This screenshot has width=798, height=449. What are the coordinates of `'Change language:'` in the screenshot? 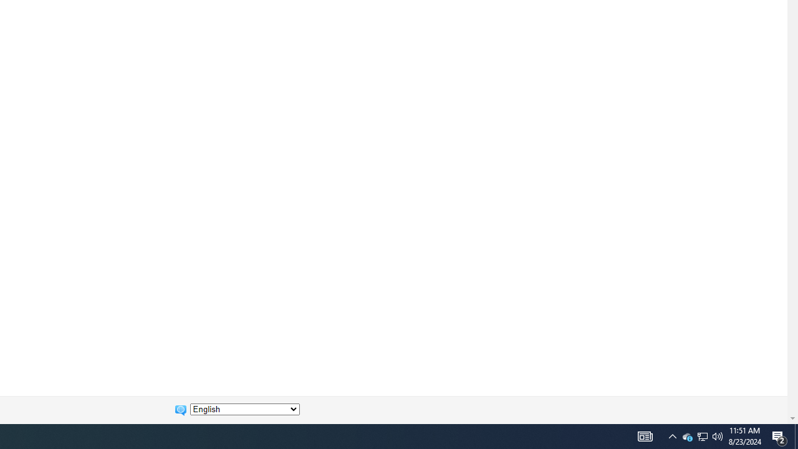 It's located at (244, 409).